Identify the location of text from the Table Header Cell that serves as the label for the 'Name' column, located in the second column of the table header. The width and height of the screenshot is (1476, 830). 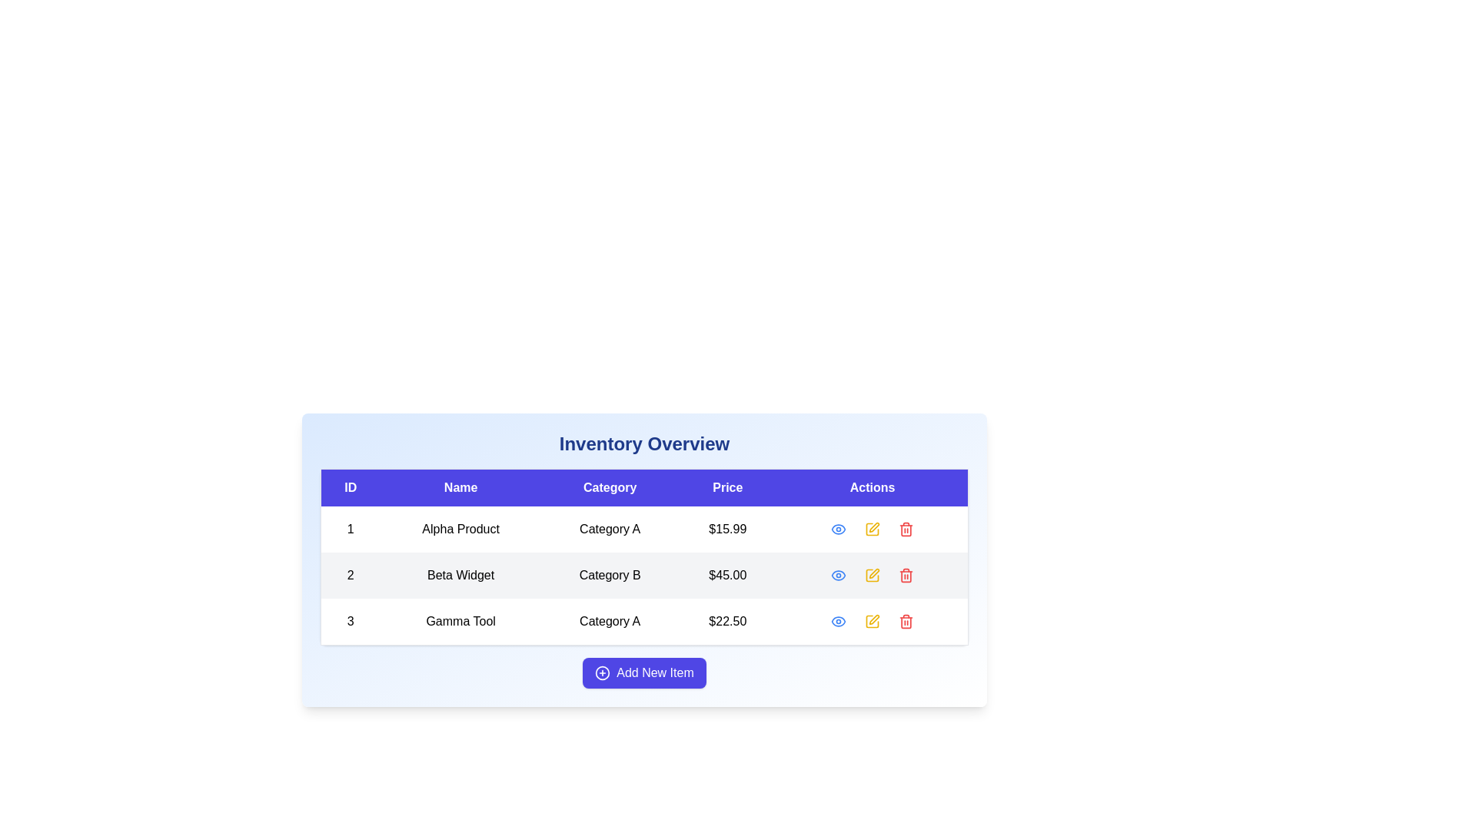
(460, 487).